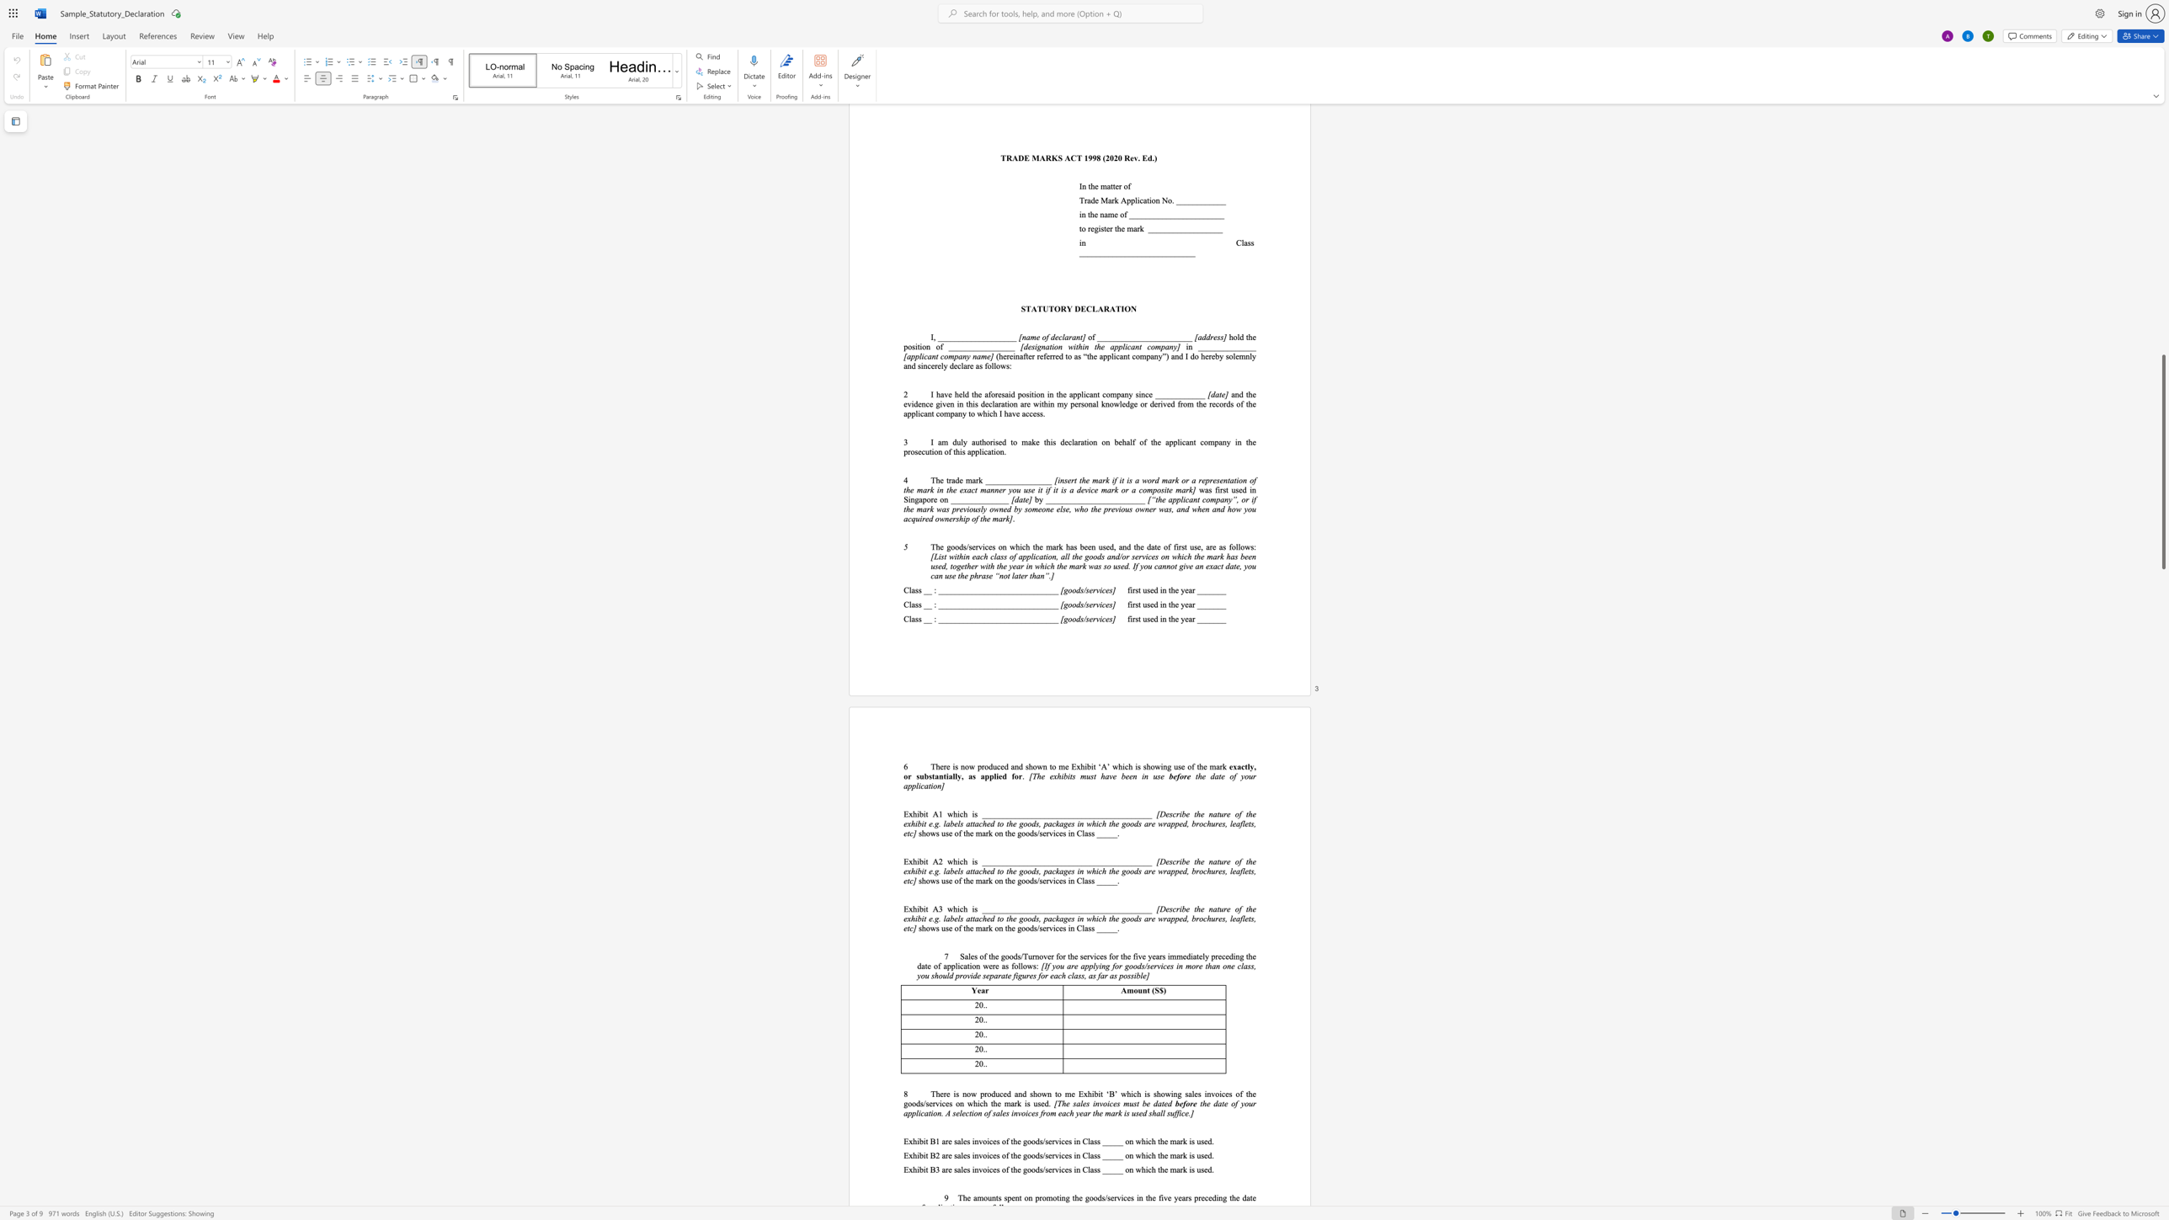  Describe the element at coordinates (2162, 226) in the screenshot. I see `the scrollbar on the right to shift the page higher` at that location.